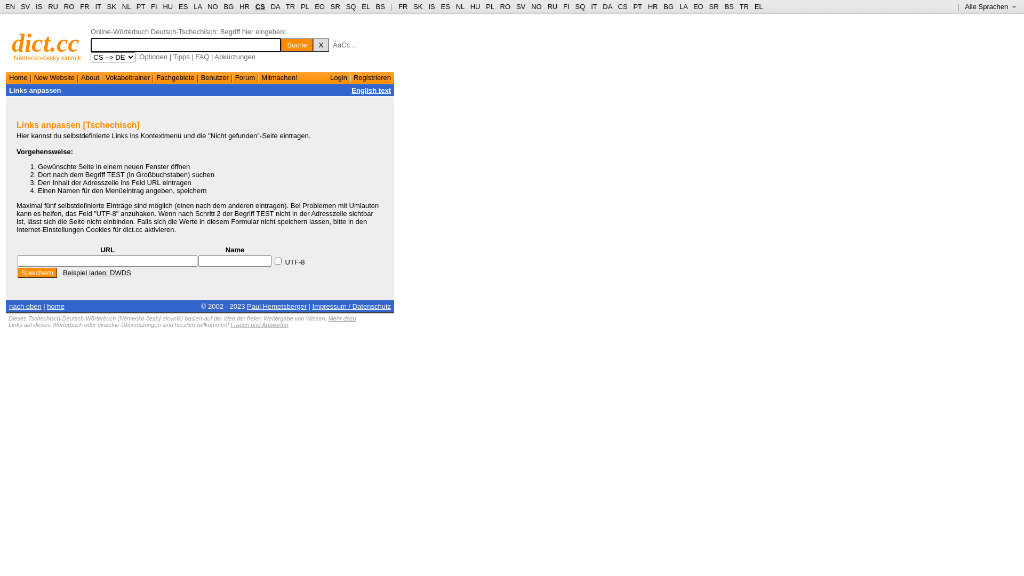 This screenshot has height=576, width=1024. I want to click on 'Login', so click(338, 77).